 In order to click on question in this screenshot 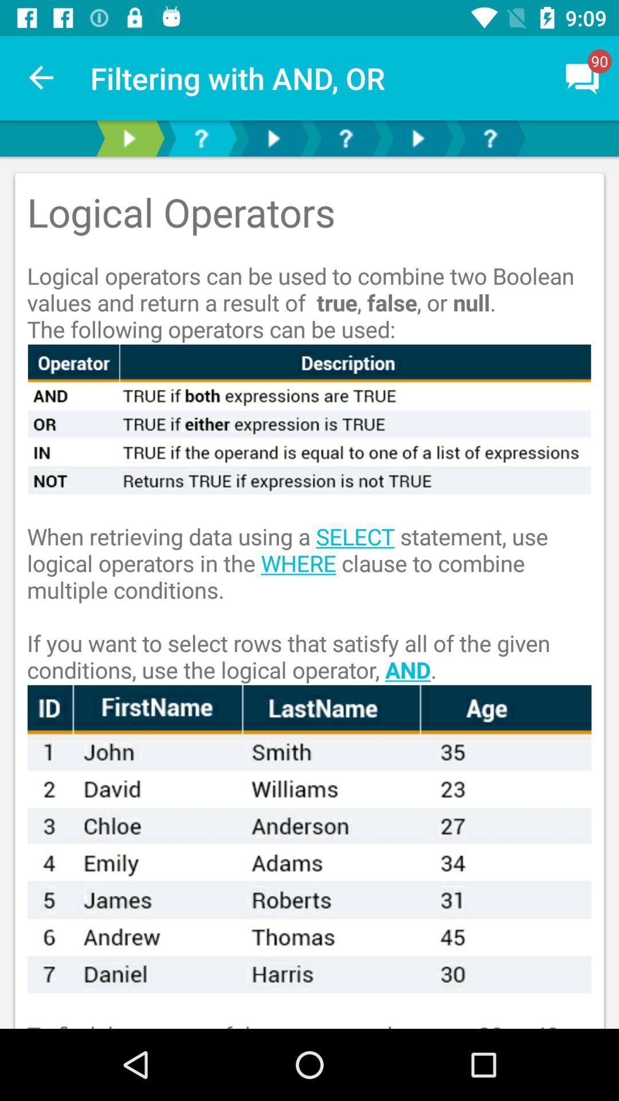, I will do `click(344, 138)`.